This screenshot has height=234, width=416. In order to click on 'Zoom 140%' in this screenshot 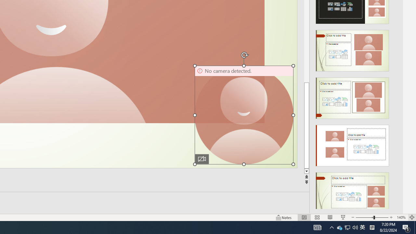, I will do `click(401, 217)`.